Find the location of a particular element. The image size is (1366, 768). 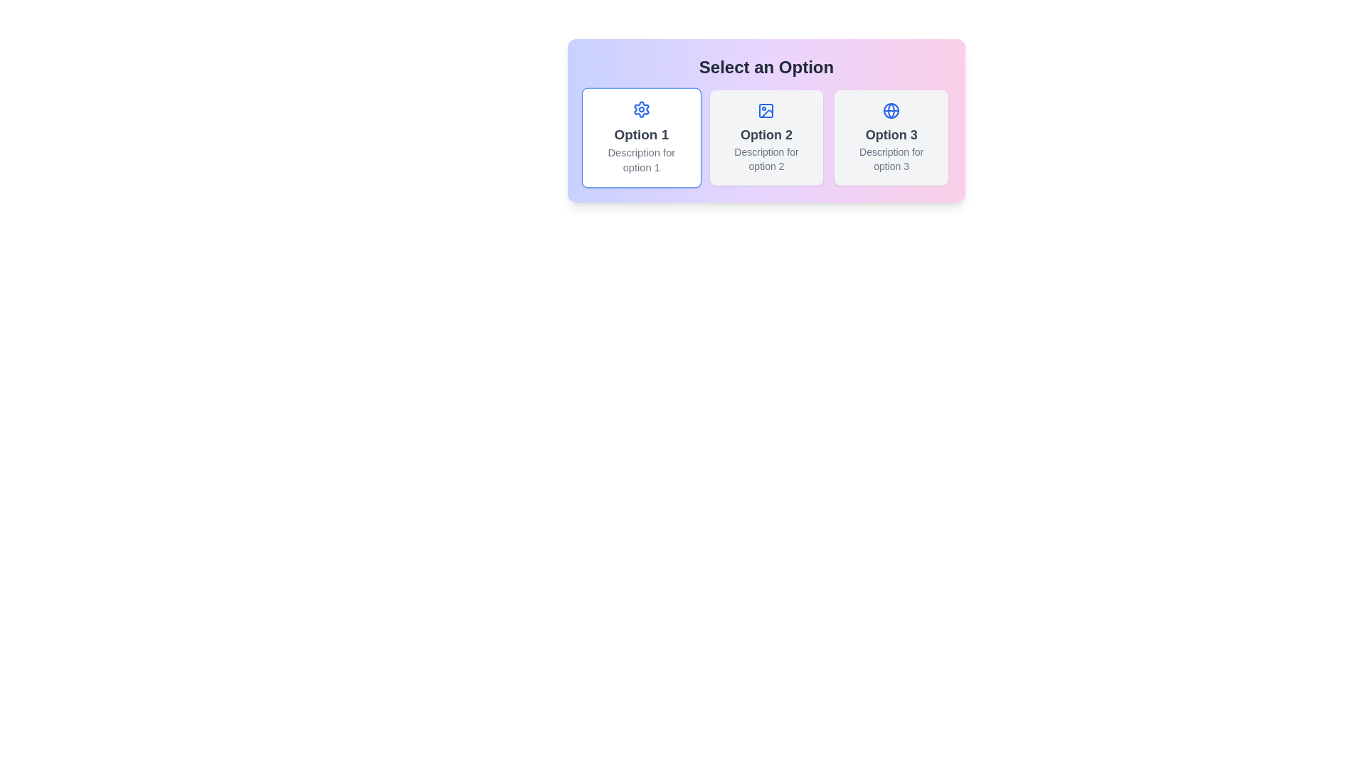

the presence of the Icon representing the 'Option 3' section, located at the top-center of the third option box labeled 'Option 3' is located at coordinates (891, 110).